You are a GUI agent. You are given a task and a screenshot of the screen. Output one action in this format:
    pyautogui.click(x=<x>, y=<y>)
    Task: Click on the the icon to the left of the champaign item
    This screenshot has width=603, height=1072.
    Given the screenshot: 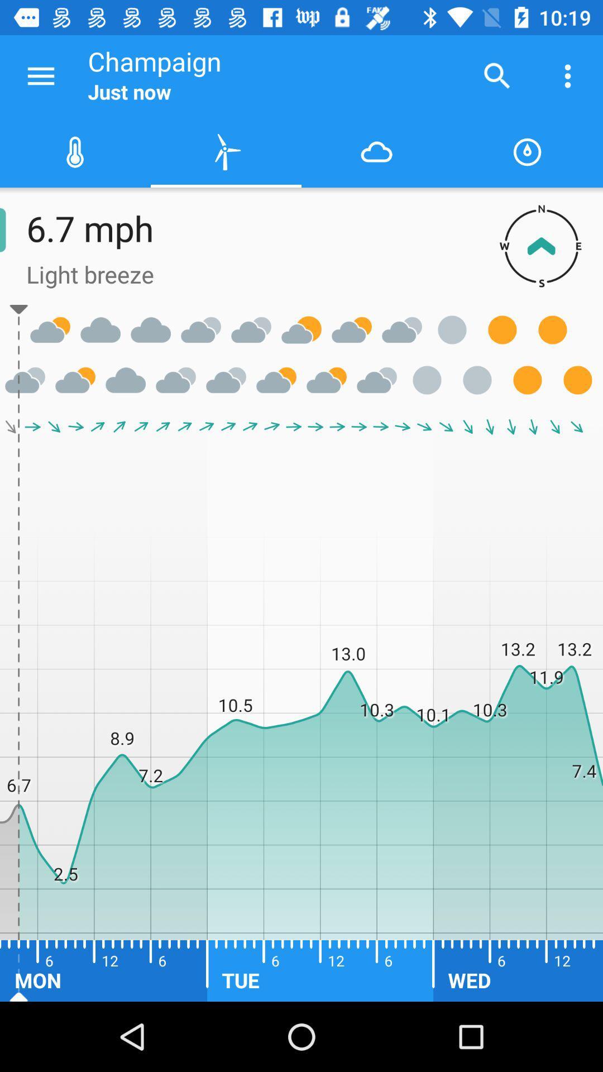 What is the action you would take?
    pyautogui.click(x=40, y=75)
    